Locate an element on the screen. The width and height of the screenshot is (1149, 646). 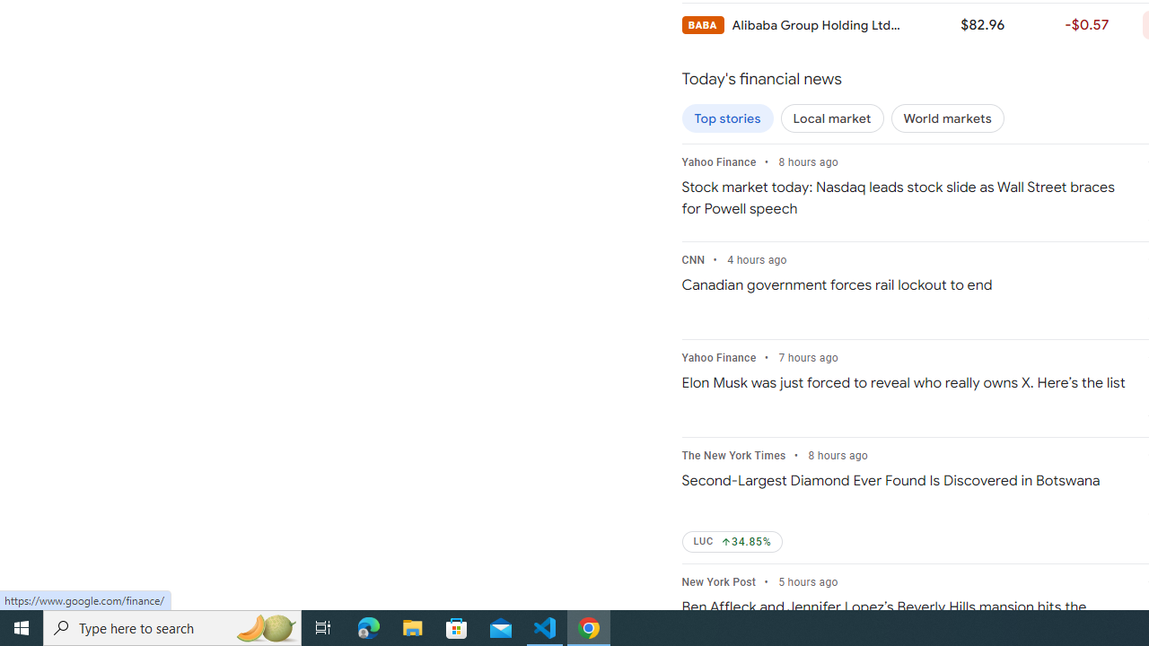
'World markets' is located at coordinates (946, 118).